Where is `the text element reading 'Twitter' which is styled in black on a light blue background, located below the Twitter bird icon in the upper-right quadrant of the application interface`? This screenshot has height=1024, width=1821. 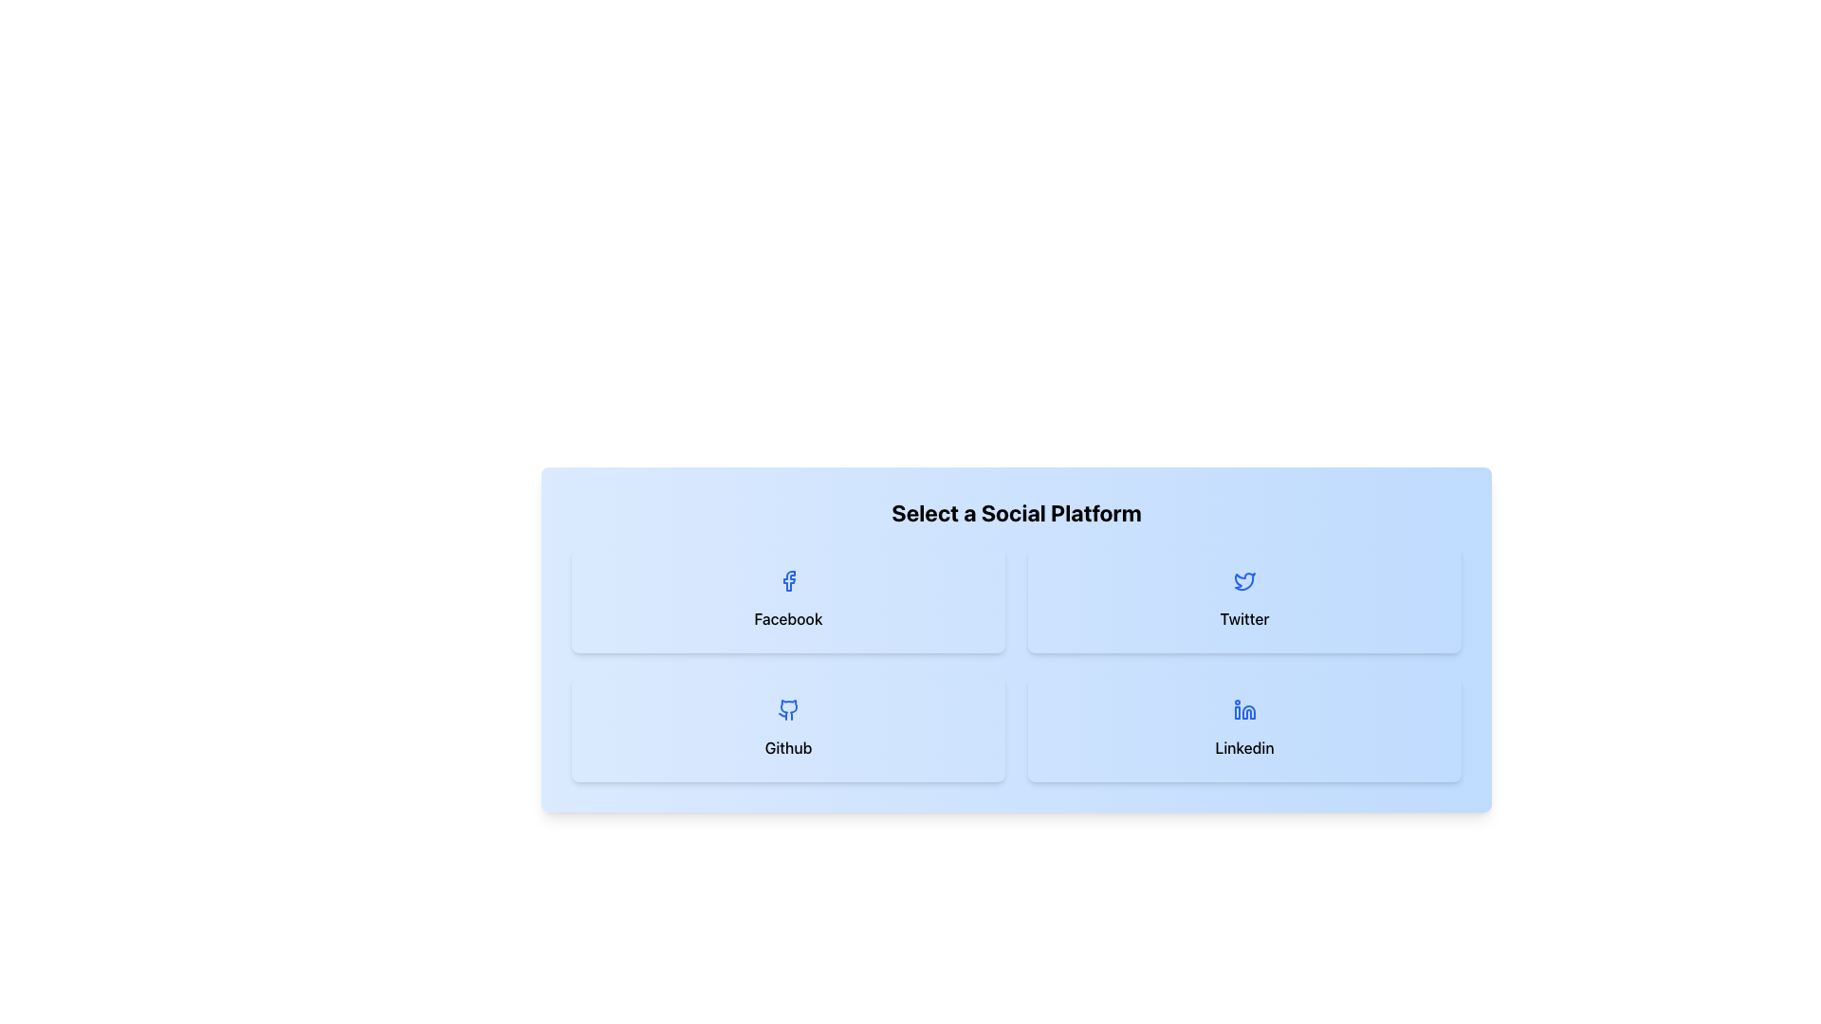 the text element reading 'Twitter' which is styled in black on a light blue background, located below the Twitter bird icon in the upper-right quadrant of the application interface is located at coordinates (1244, 618).